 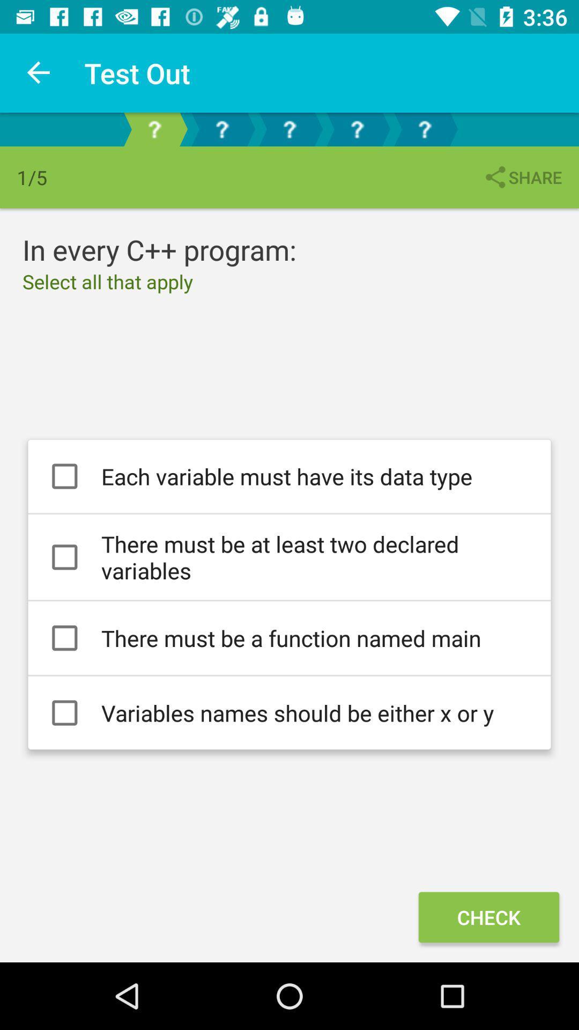 What do you see at coordinates (357, 129) in the screenshot?
I see `the question mark icon` at bounding box center [357, 129].